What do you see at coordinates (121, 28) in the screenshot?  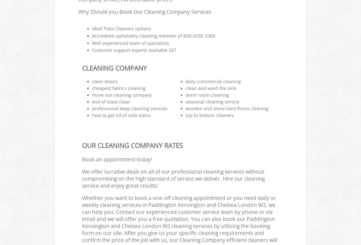 I see `'Ideal Patio Cleaners options'` at bounding box center [121, 28].